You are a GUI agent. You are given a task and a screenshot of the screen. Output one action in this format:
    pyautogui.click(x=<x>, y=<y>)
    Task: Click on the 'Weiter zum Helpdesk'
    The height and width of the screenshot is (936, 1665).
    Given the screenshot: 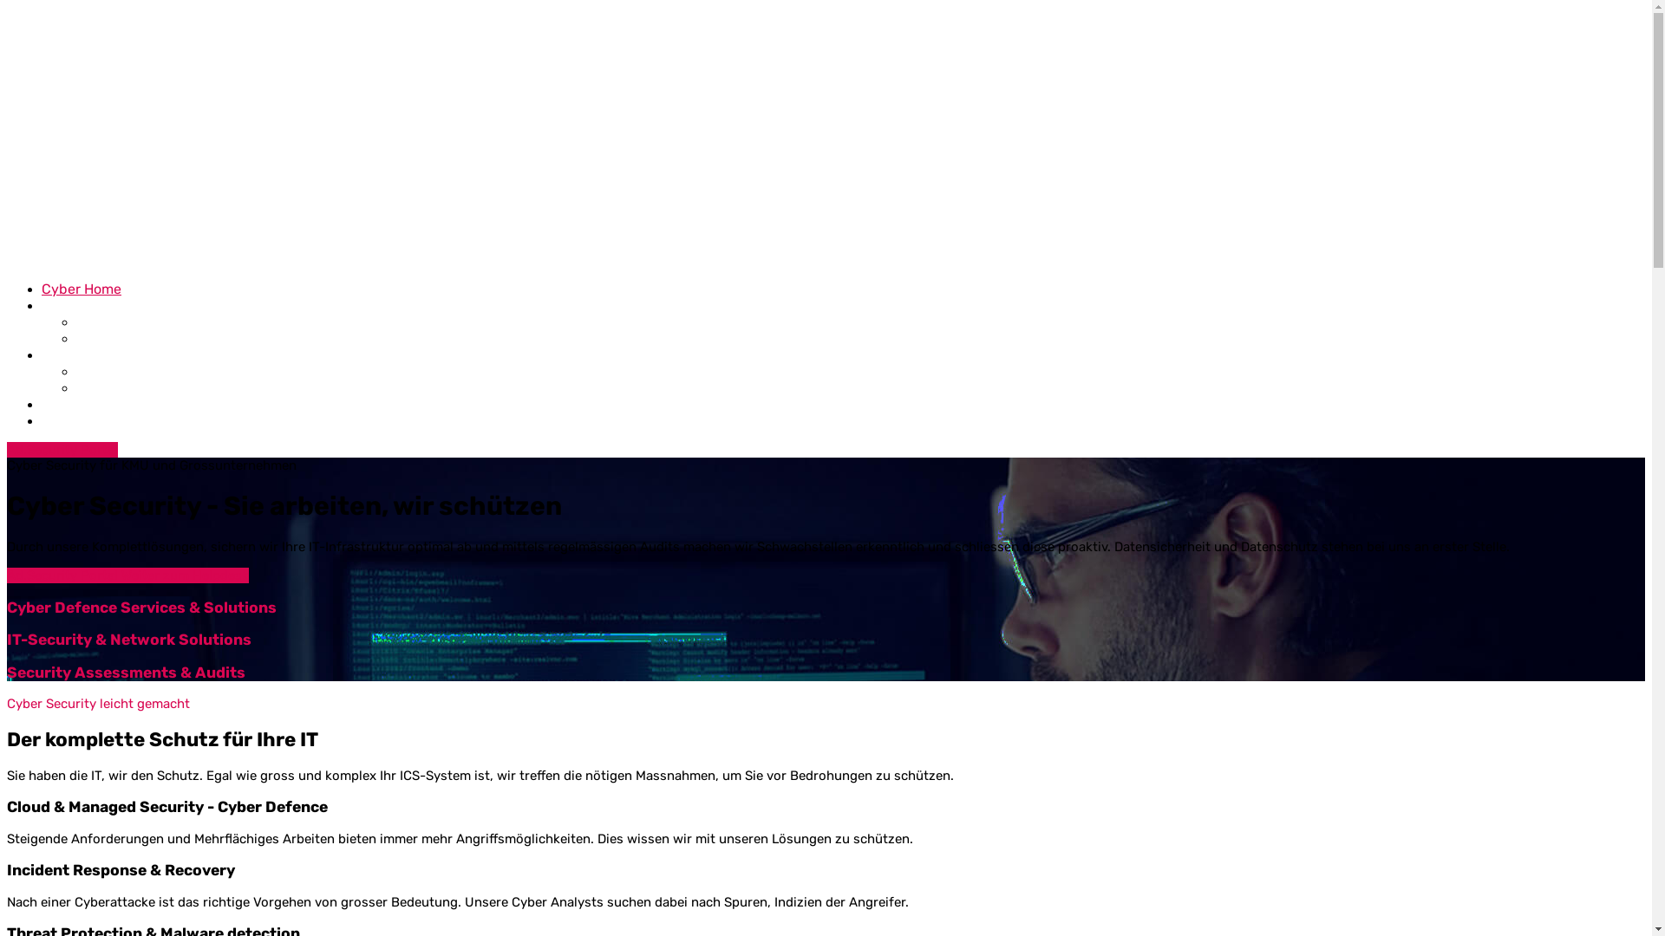 What is the action you would take?
    pyautogui.click(x=185, y=575)
    